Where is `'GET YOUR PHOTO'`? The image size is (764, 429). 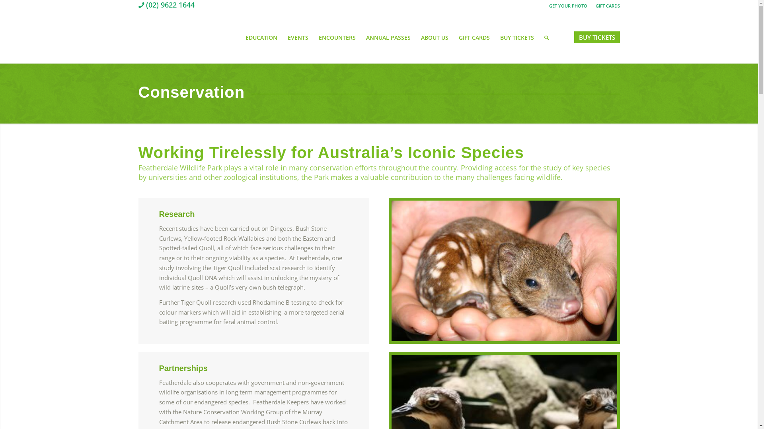
'GET YOUR PHOTO' is located at coordinates (568, 6).